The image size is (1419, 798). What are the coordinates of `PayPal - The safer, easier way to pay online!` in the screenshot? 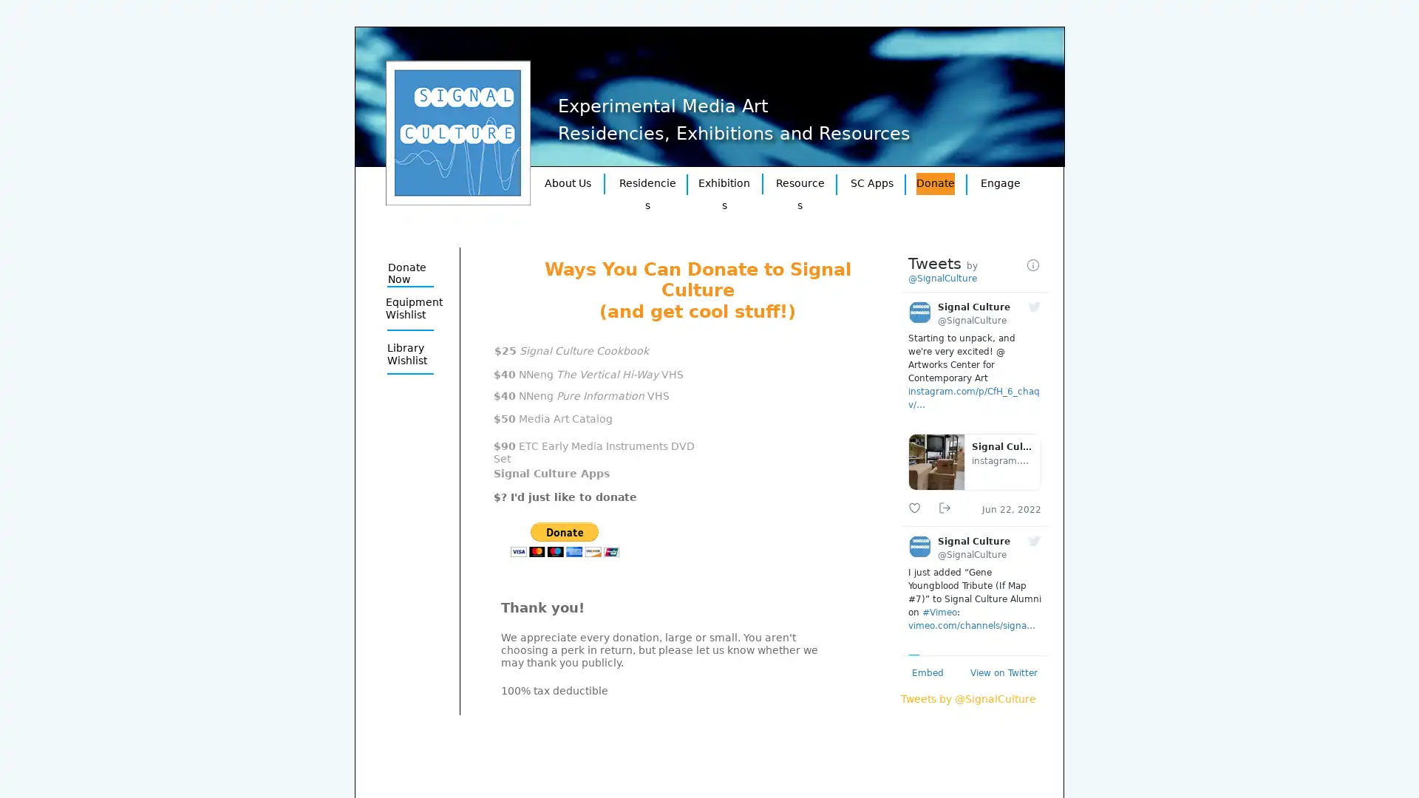 It's located at (564, 539).